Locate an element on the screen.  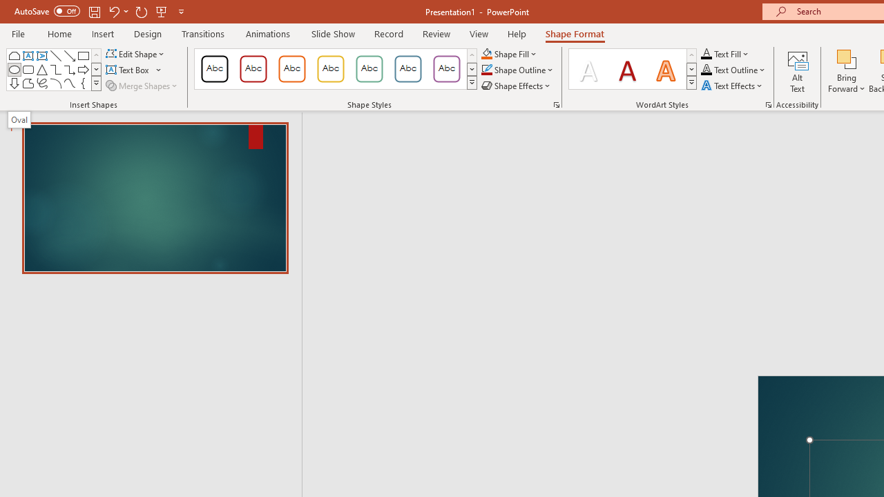
'Shape Outline No Outline' is located at coordinates (486, 70).